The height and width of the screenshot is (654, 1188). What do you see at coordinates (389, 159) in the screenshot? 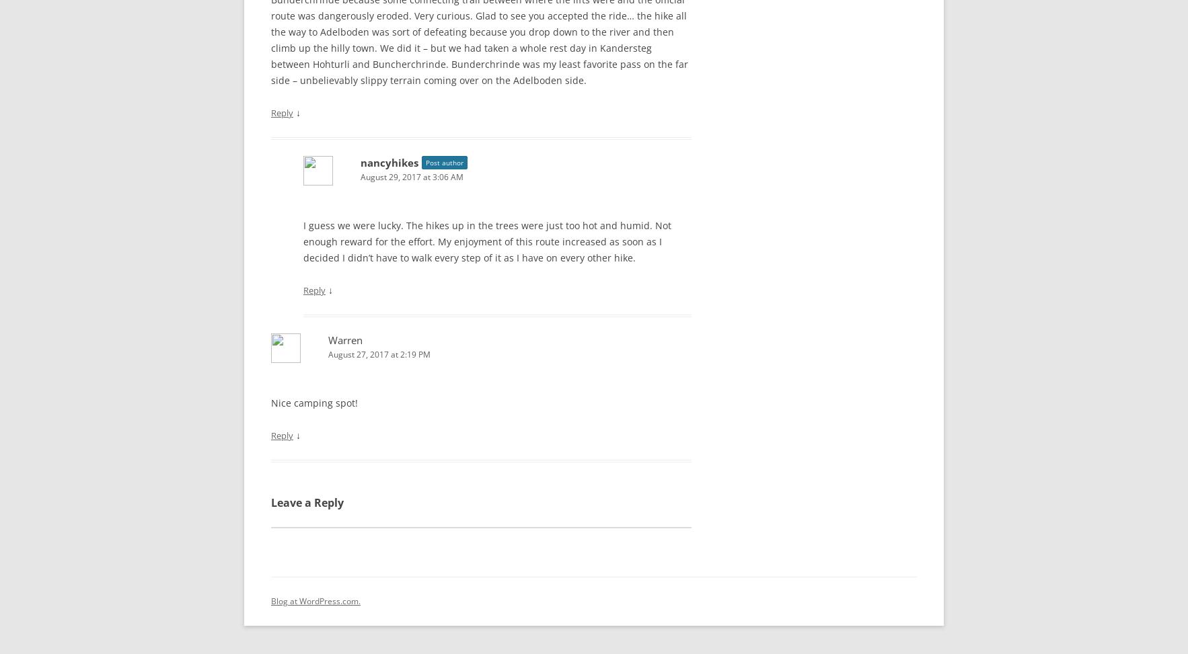
I see `'nancyhikes'` at bounding box center [389, 159].